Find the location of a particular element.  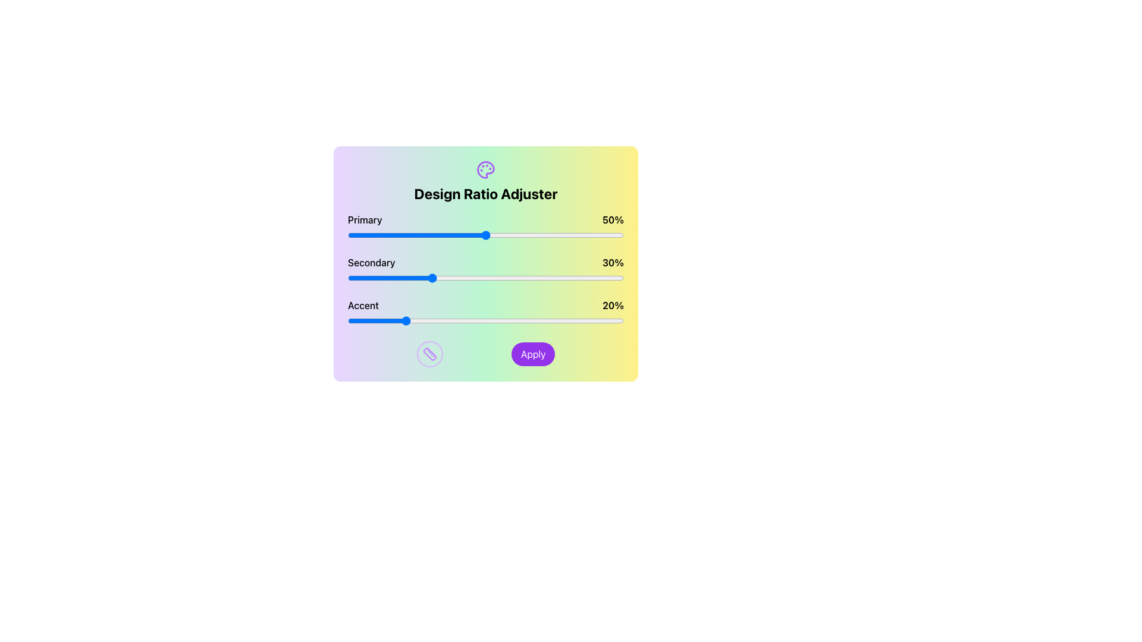

the 'Accent' label which displays the word in bold text on the leftmost side of the third row in the panel is located at coordinates (362, 304).